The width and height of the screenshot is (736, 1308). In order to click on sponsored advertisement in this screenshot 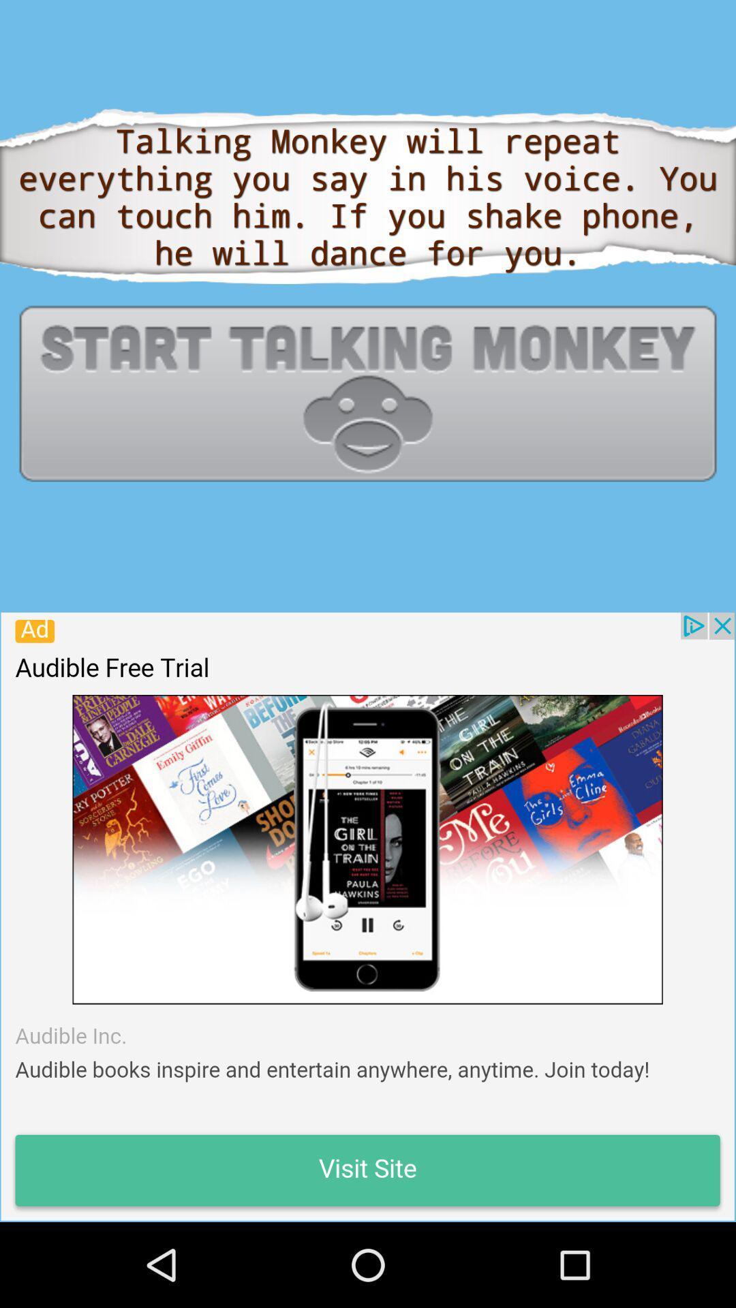, I will do `click(367, 916)`.